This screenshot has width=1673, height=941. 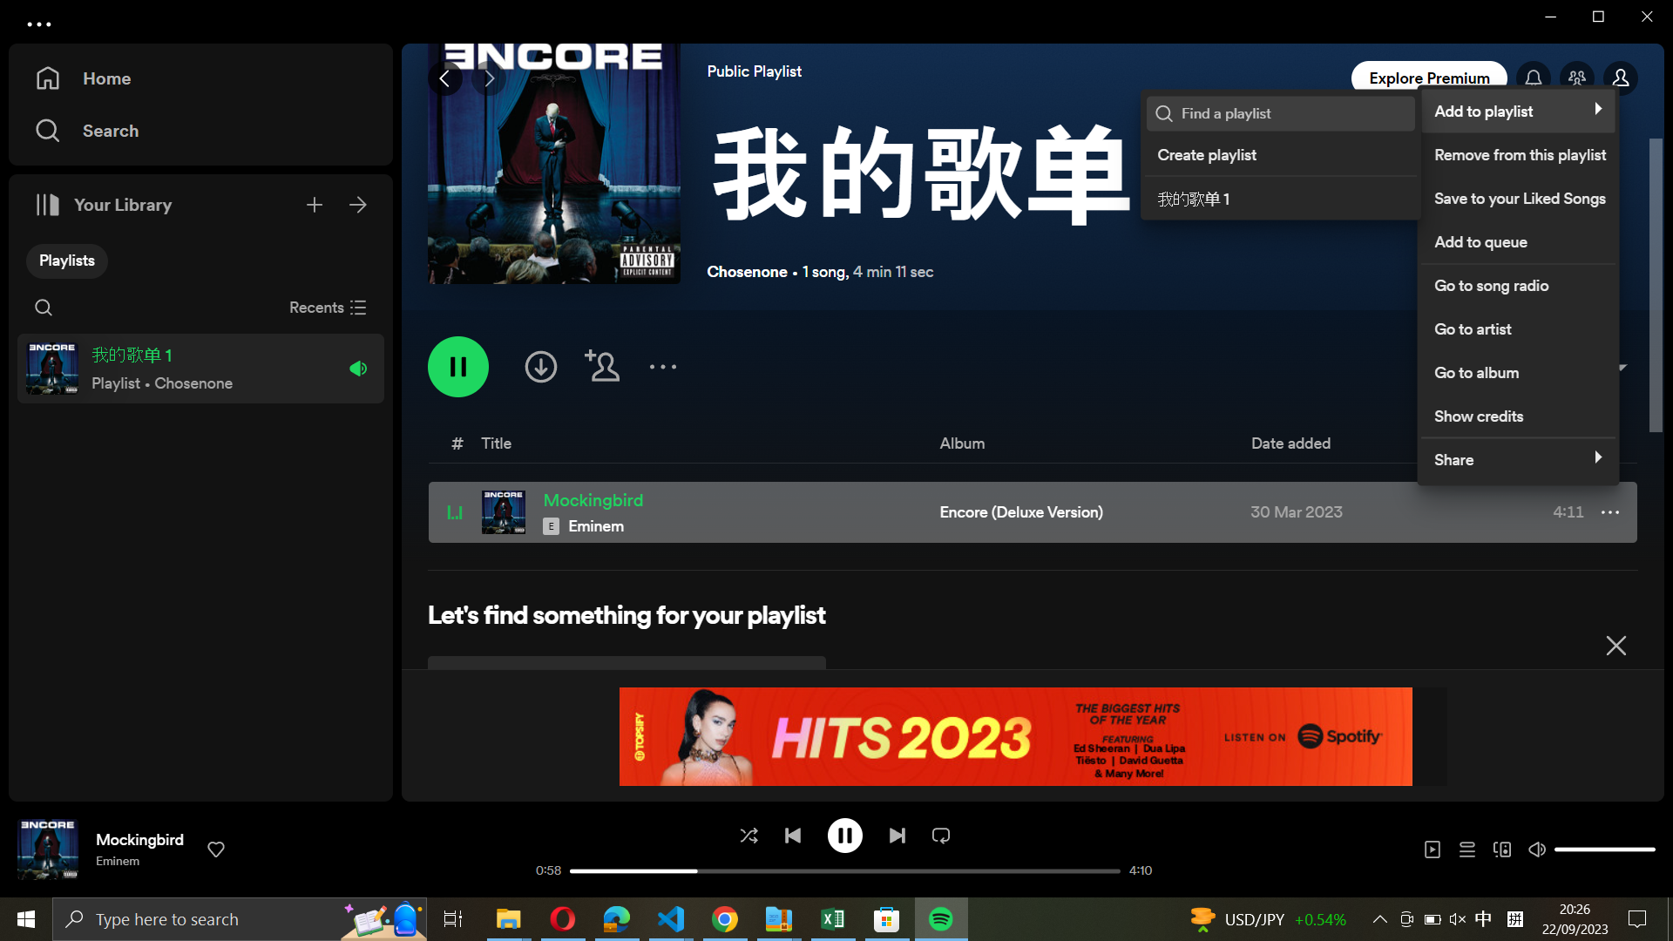 I want to click on Stop the song, so click(x=845, y=833).